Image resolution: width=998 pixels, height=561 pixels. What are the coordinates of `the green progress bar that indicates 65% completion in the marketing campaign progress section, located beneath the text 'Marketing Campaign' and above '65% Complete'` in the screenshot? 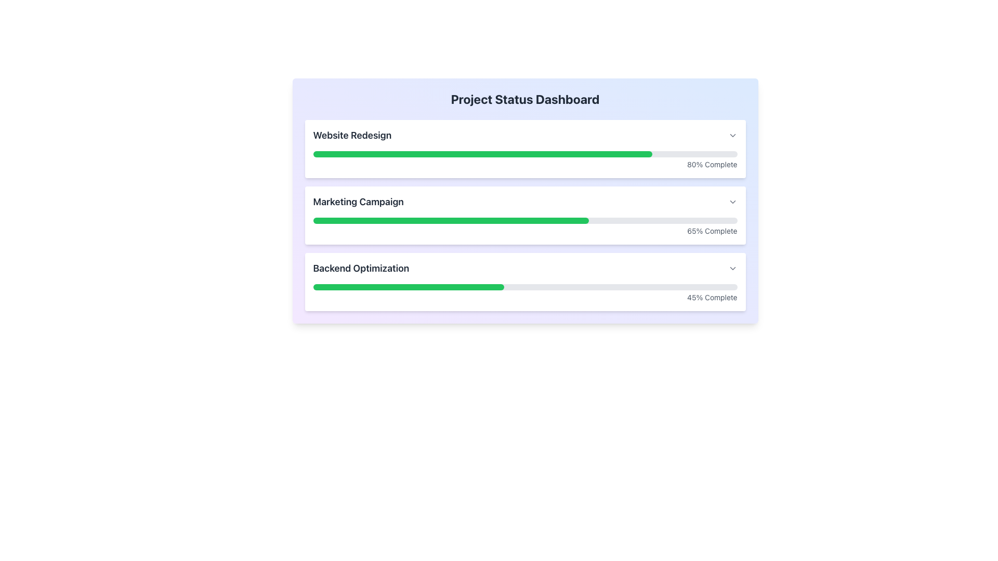 It's located at (451, 220).